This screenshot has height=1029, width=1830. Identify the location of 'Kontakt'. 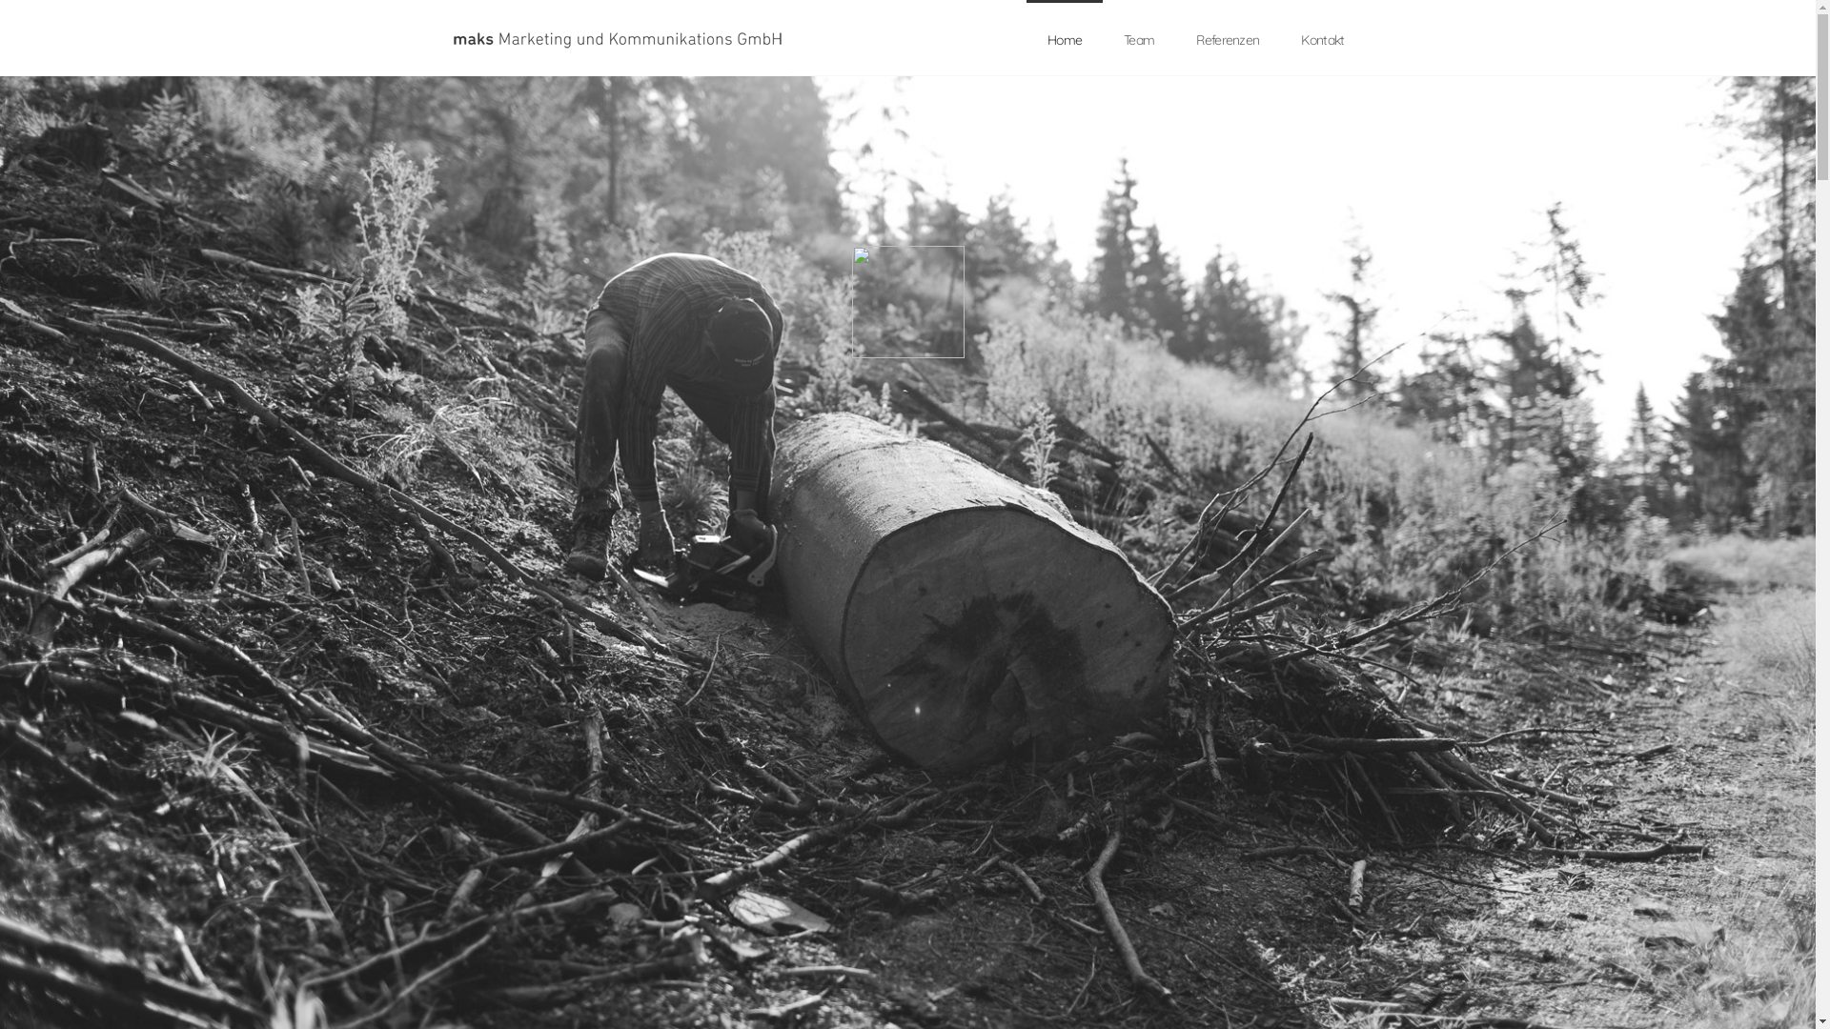
(1280, 39).